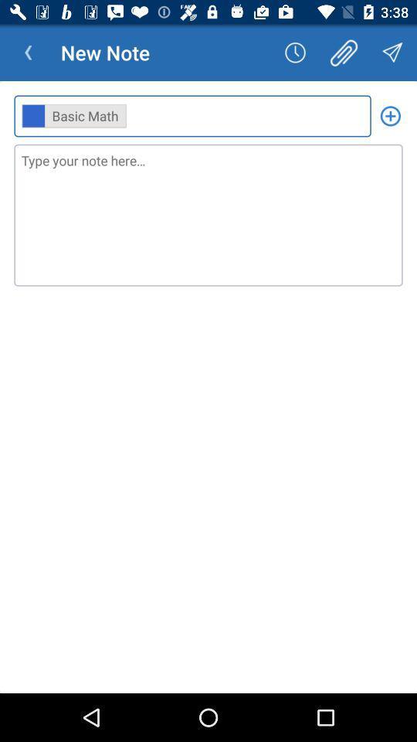 Image resolution: width=417 pixels, height=742 pixels. Describe the element at coordinates (389, 115) in the screenshot. I see `the icon next to ,,` at that location.